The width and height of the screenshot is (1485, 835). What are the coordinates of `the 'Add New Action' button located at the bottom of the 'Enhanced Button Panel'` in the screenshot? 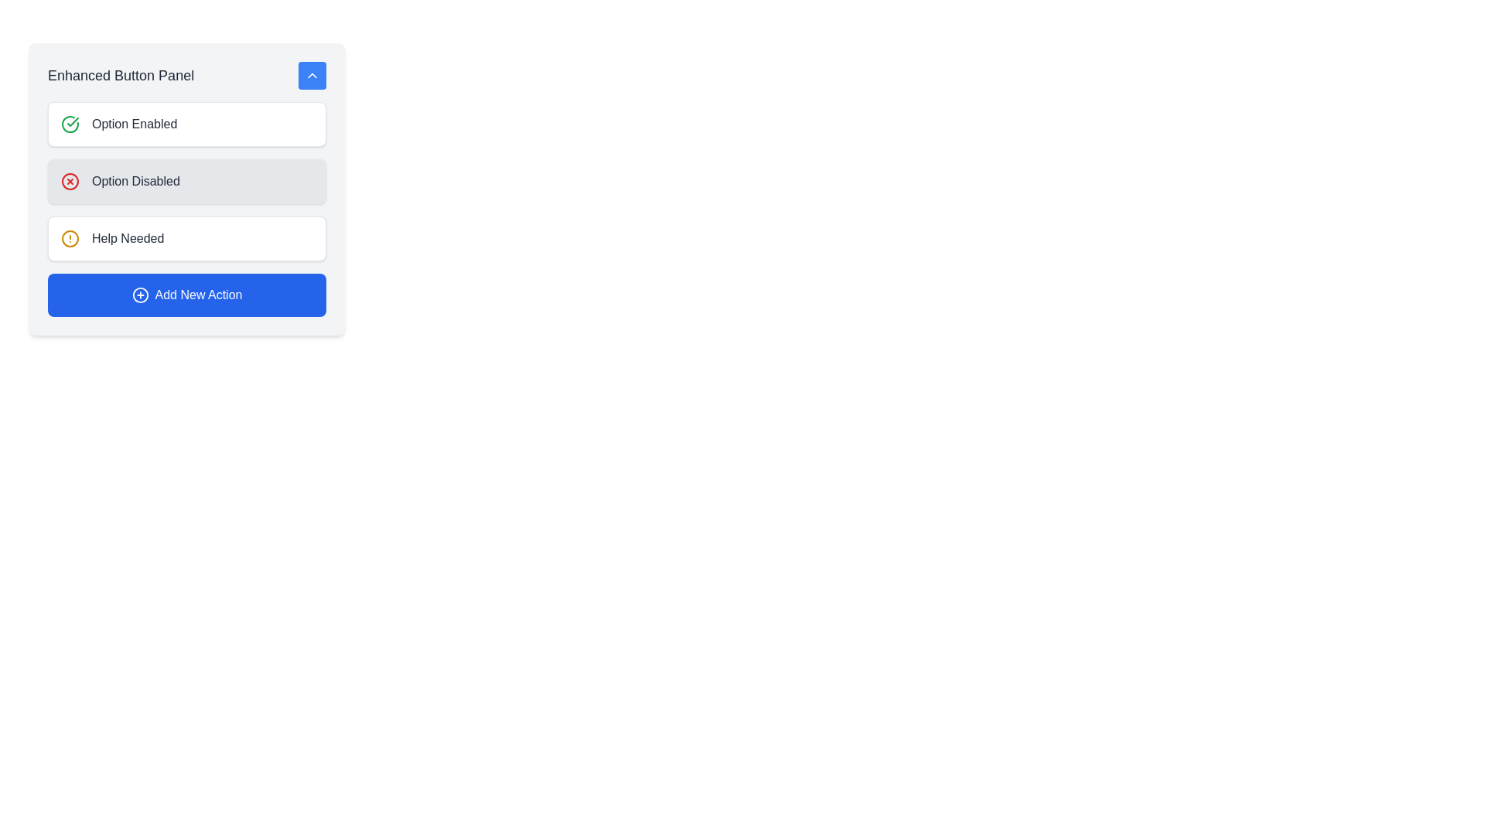 It's located at (186, 295).